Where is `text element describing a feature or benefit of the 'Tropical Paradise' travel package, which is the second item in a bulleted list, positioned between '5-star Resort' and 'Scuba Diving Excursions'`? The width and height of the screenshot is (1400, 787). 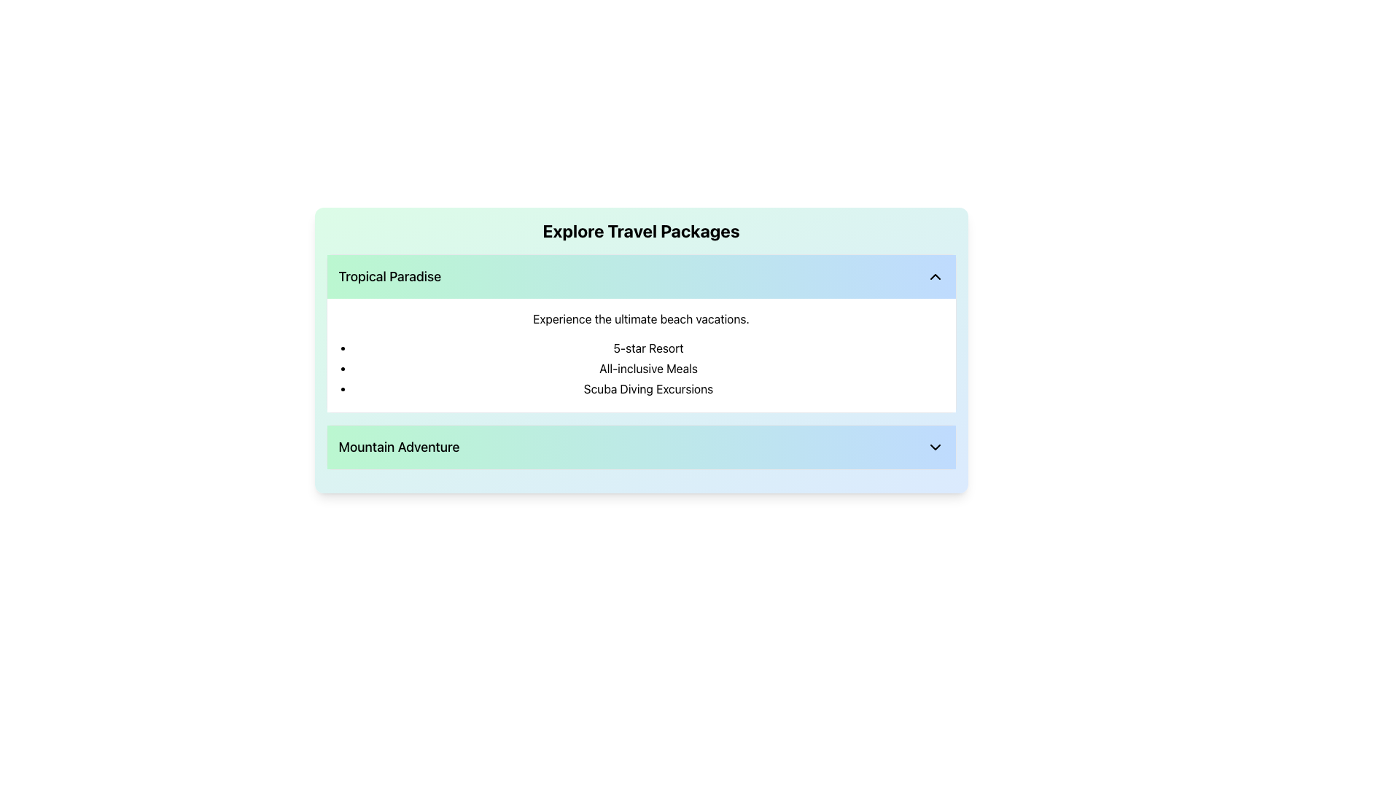
text element describing a feature or benefit of the 'Tropical Paradise' travel package, which is the second item in a bulleted list, positioned between '5-star Resort' and 'Scuba Diving Excursions' is located at coordinates (647, 367).